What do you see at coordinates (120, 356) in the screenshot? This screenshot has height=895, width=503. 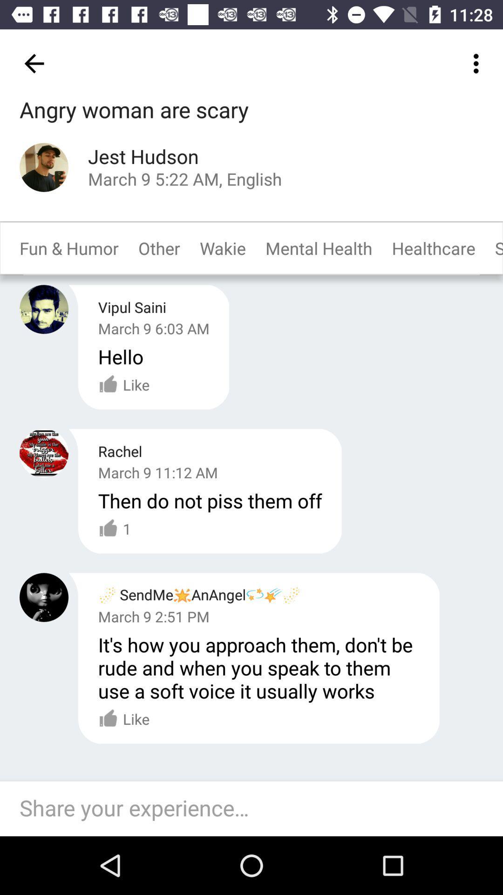 I see `item below the march 9 6` at bounding box center [120, 356].